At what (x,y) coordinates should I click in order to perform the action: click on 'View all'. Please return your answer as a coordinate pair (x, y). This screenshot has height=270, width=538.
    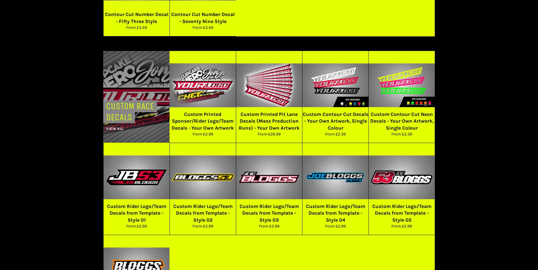
    Looking at the image, I should click on (114, 128).